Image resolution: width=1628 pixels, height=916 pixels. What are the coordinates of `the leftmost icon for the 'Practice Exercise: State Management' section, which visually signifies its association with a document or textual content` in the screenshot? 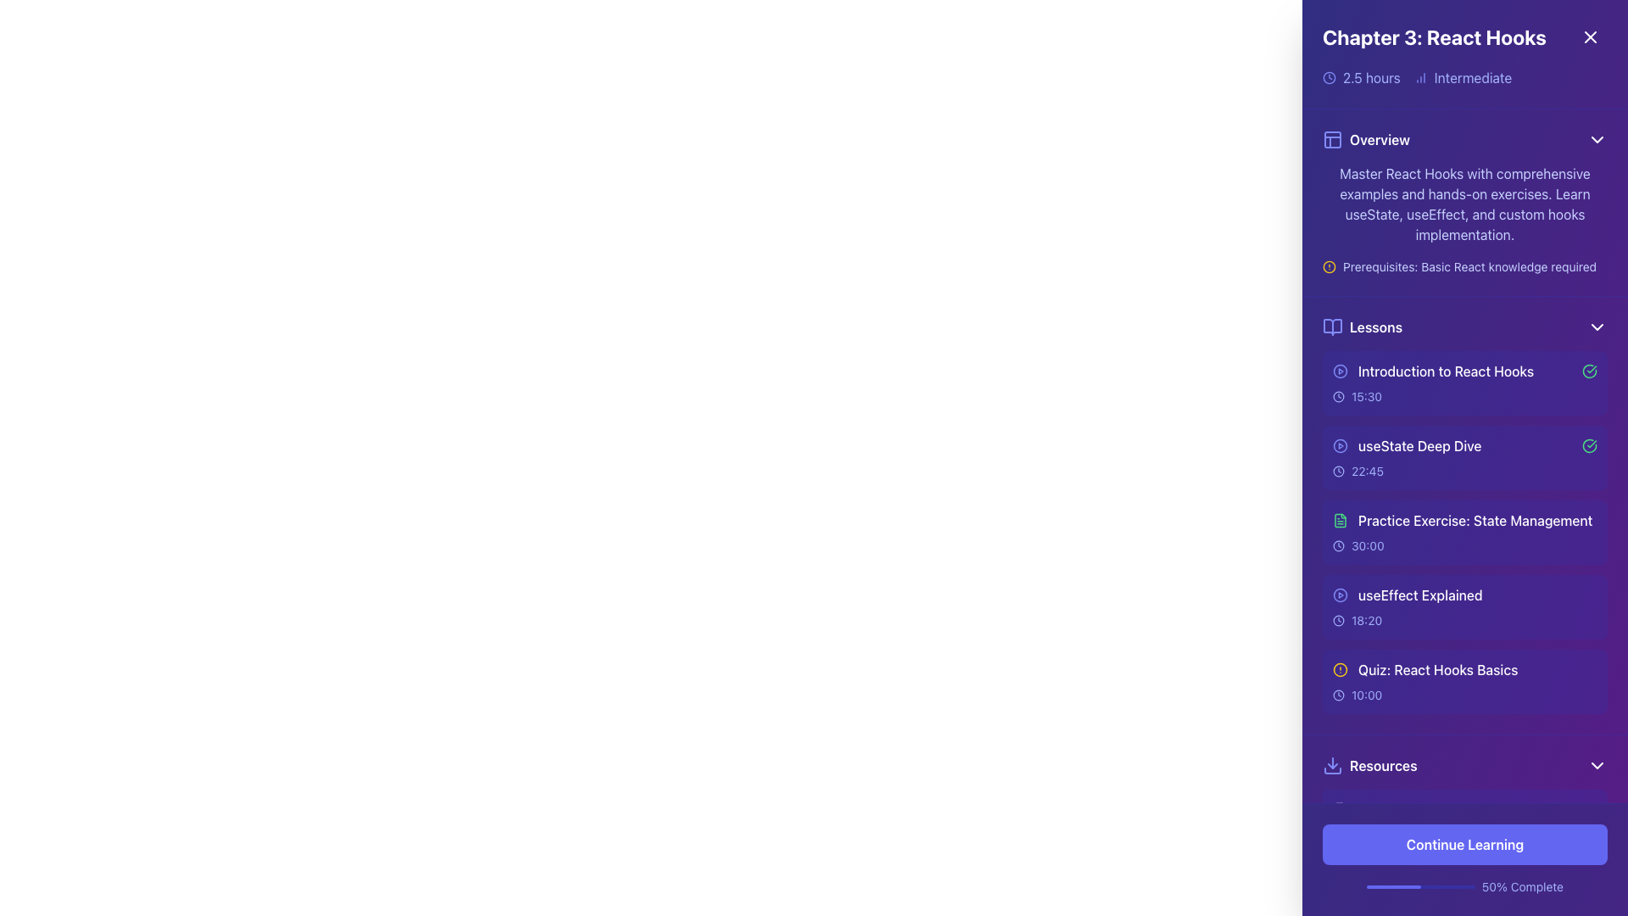 It's located at (1339, 519).